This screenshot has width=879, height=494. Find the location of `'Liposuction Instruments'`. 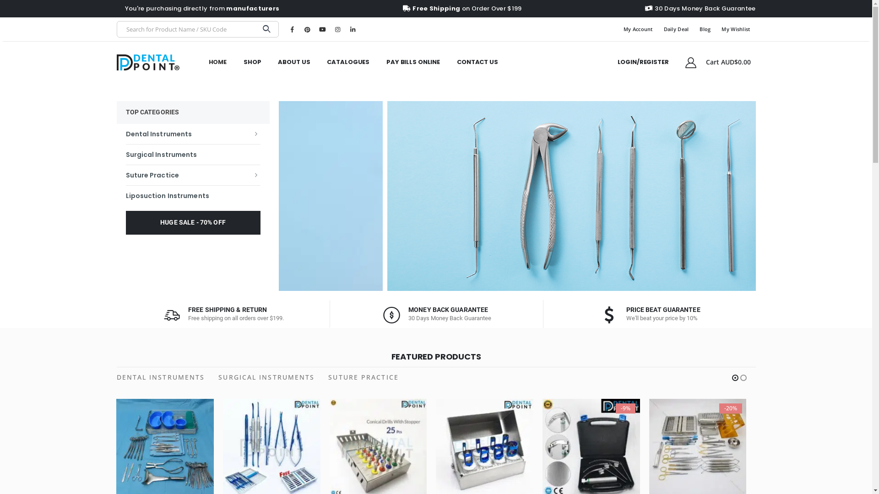

'Liposuction Instruments' is located at coordinates (192, 195).